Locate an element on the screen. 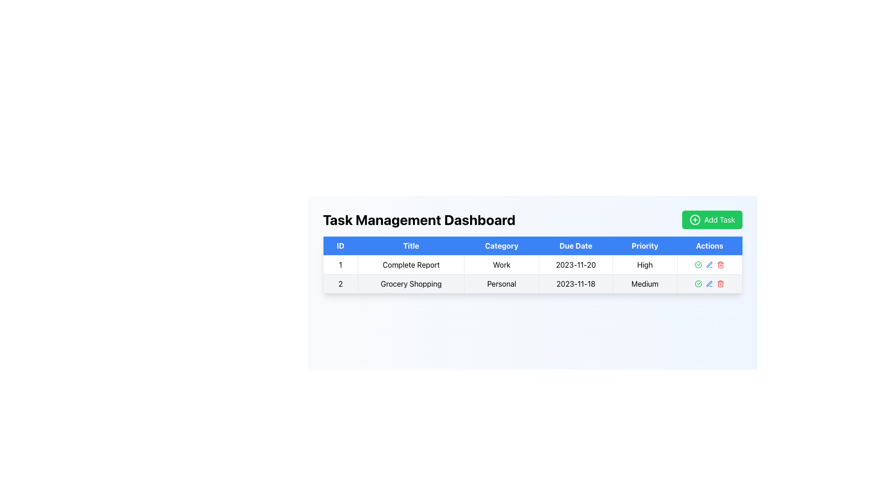  the table cell that displays the ID number for the second entry in the task management table, located in the second row under the 'ID' column is located at coordinates (340, 283).